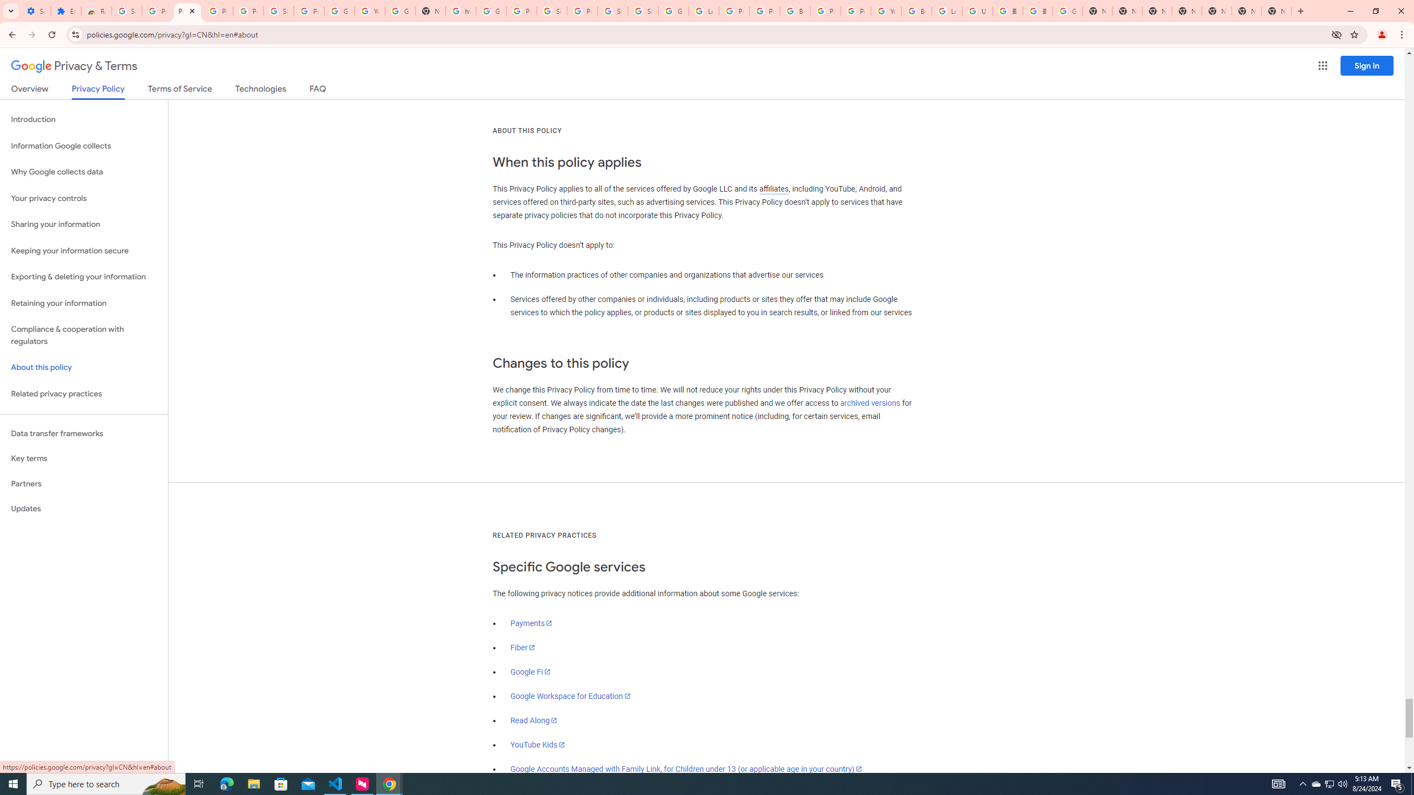 The width and height of the screenshot is (1414, 795). I want to click on 'Information Google collects', so click(83, 146).